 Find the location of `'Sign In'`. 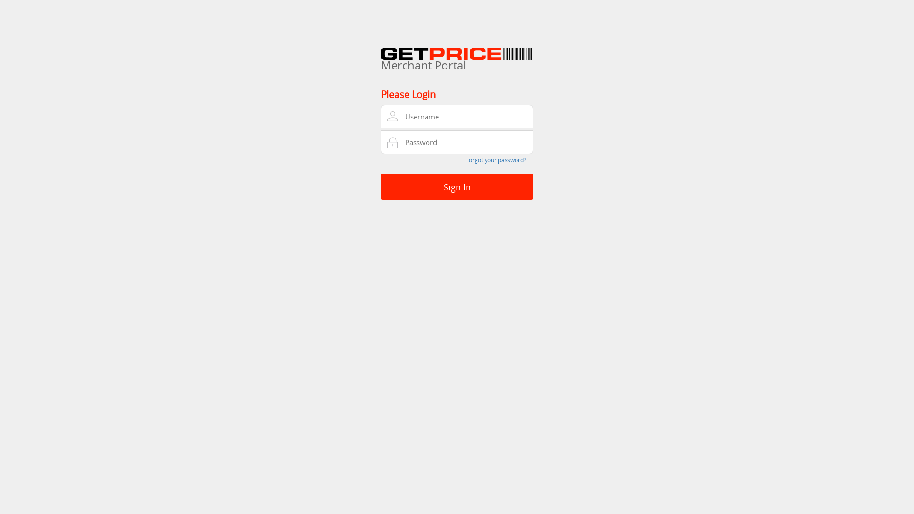

'Sign In' is located at coordinates (457, 187).